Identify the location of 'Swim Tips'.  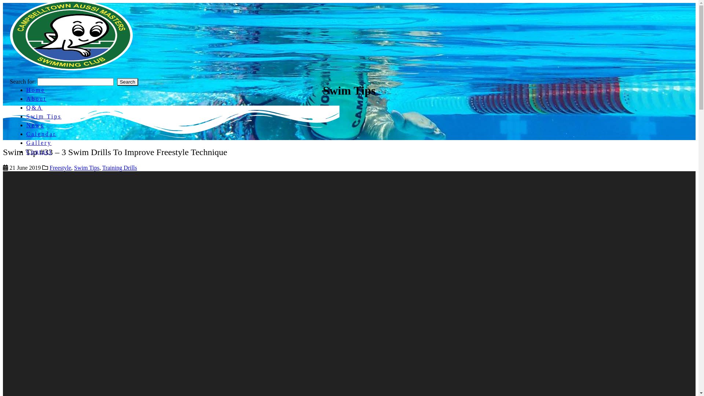
(26, 116).